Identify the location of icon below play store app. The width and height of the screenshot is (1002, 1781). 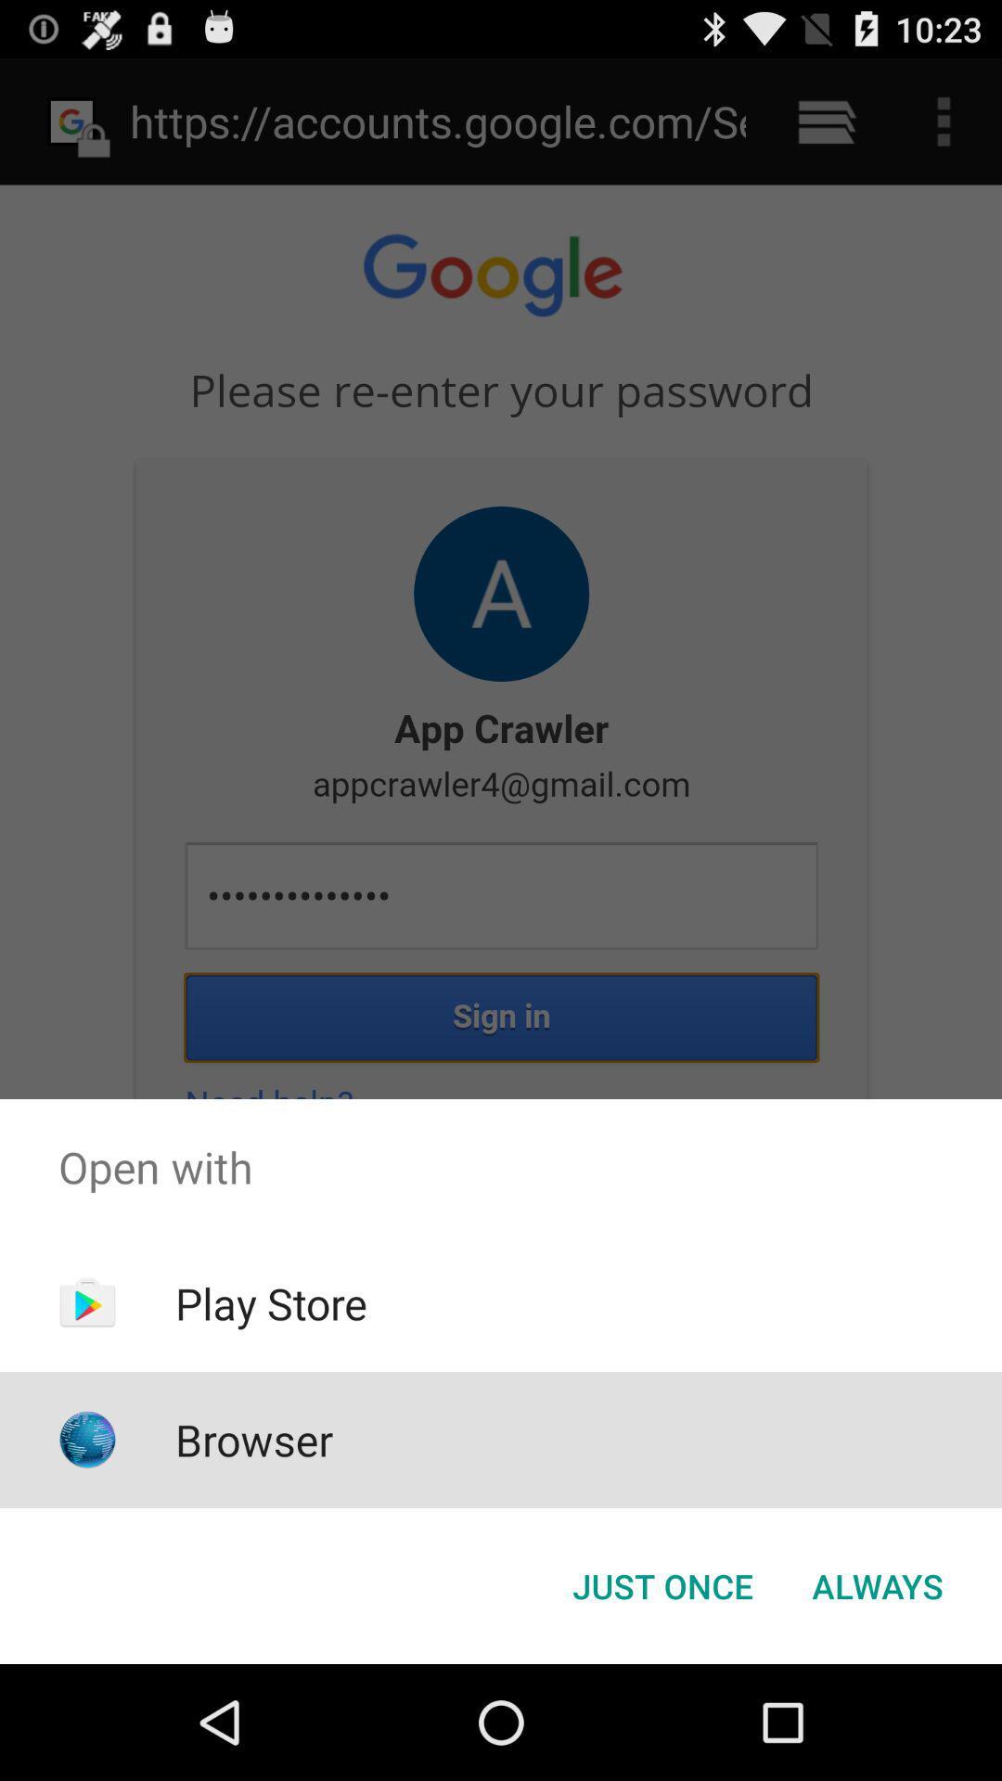
(254, 1439).